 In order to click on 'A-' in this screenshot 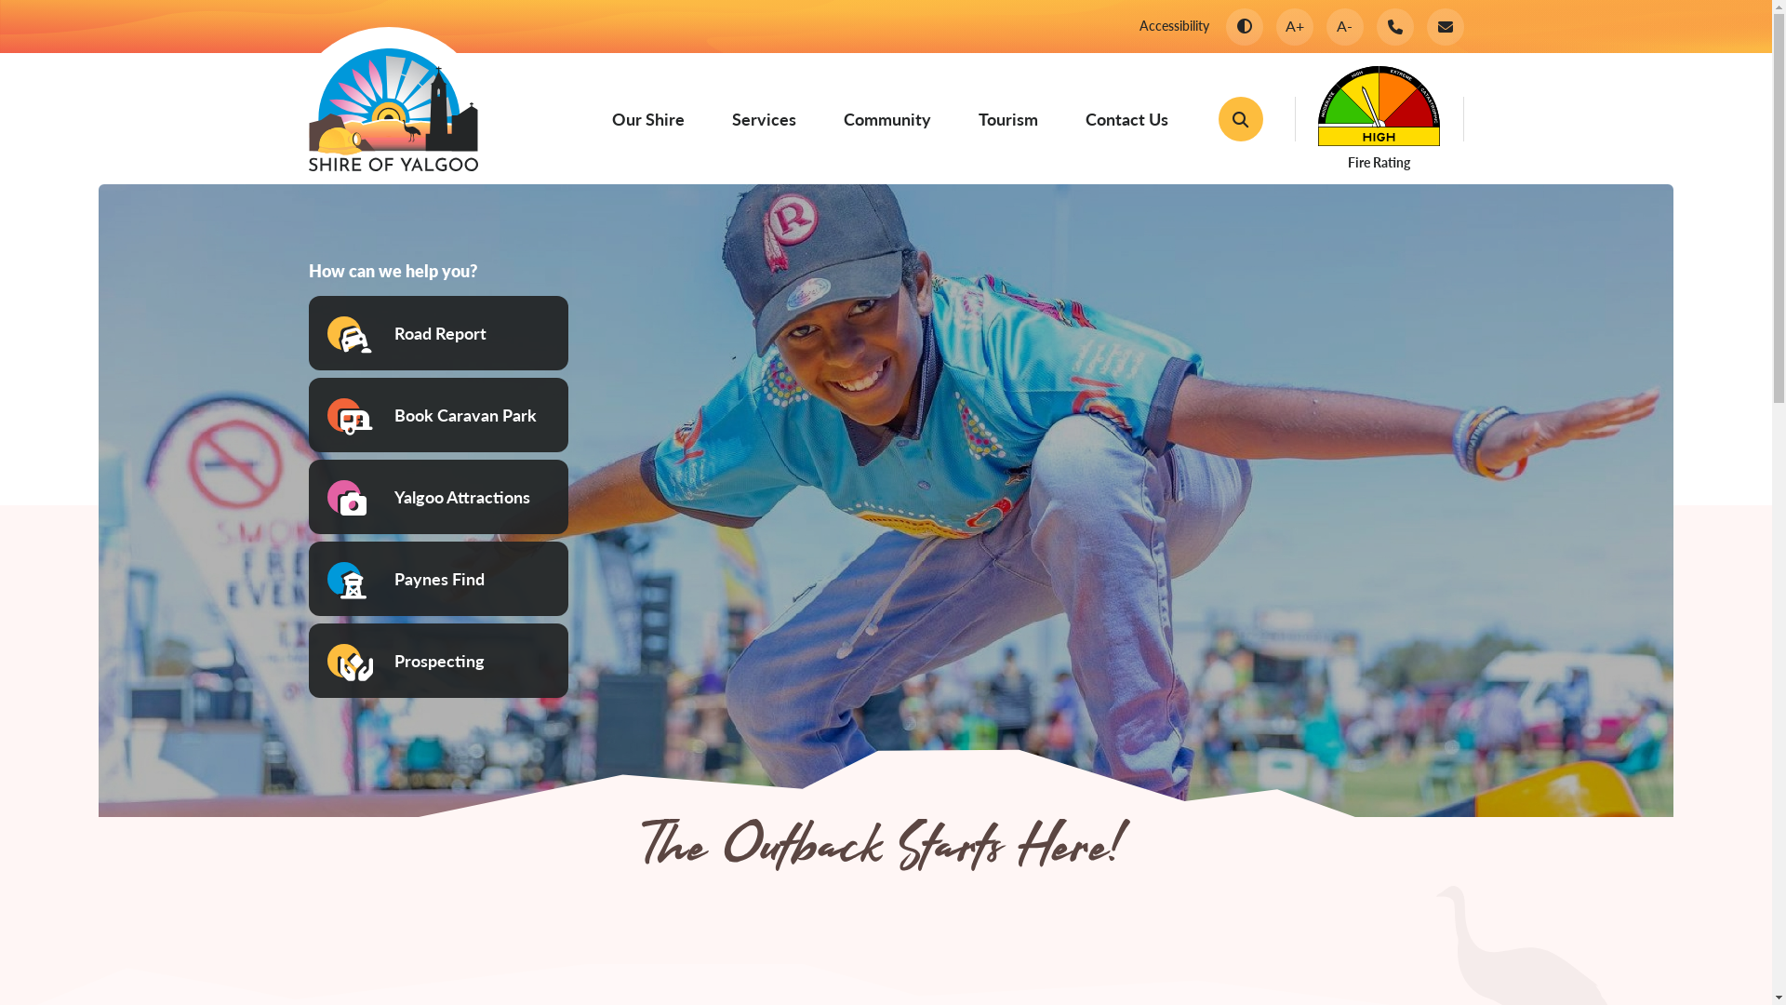, I will do `click(1344, 25)`.